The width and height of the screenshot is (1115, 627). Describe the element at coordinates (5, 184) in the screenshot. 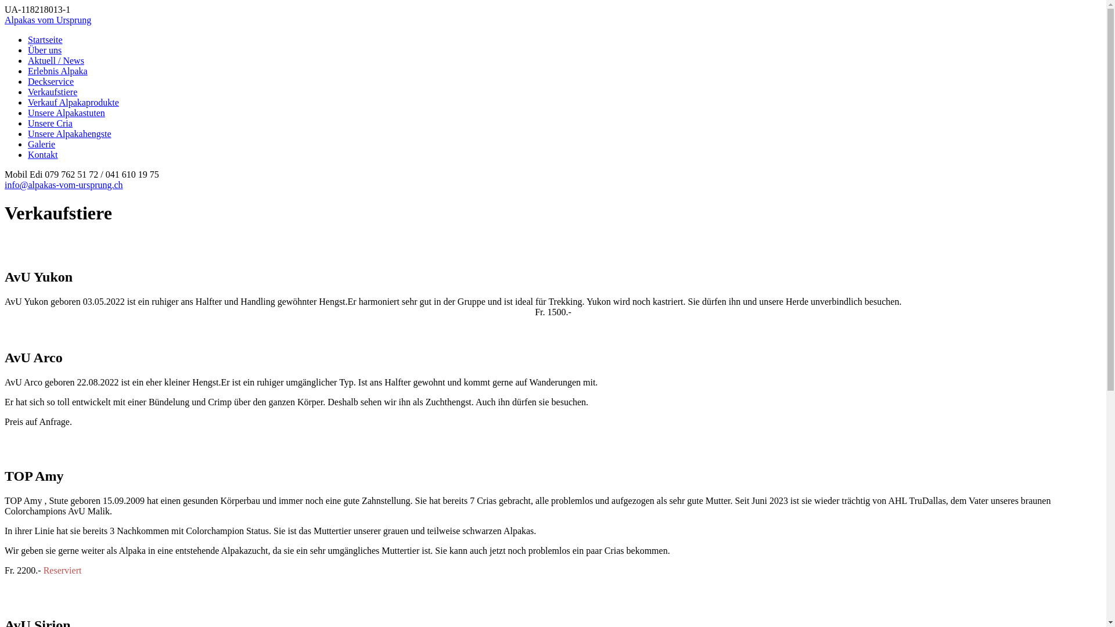

I see `'info@alpakas-vom-ursprung.ch'` at that location.